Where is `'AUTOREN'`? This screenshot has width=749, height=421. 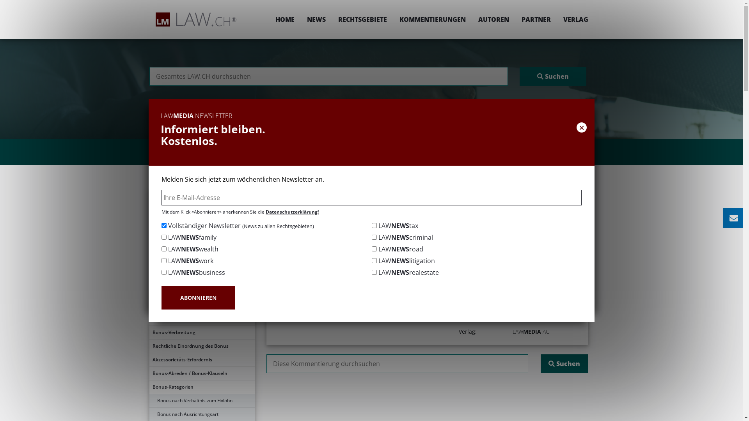
'AUTOREN' is located at coordinates (471, 19).